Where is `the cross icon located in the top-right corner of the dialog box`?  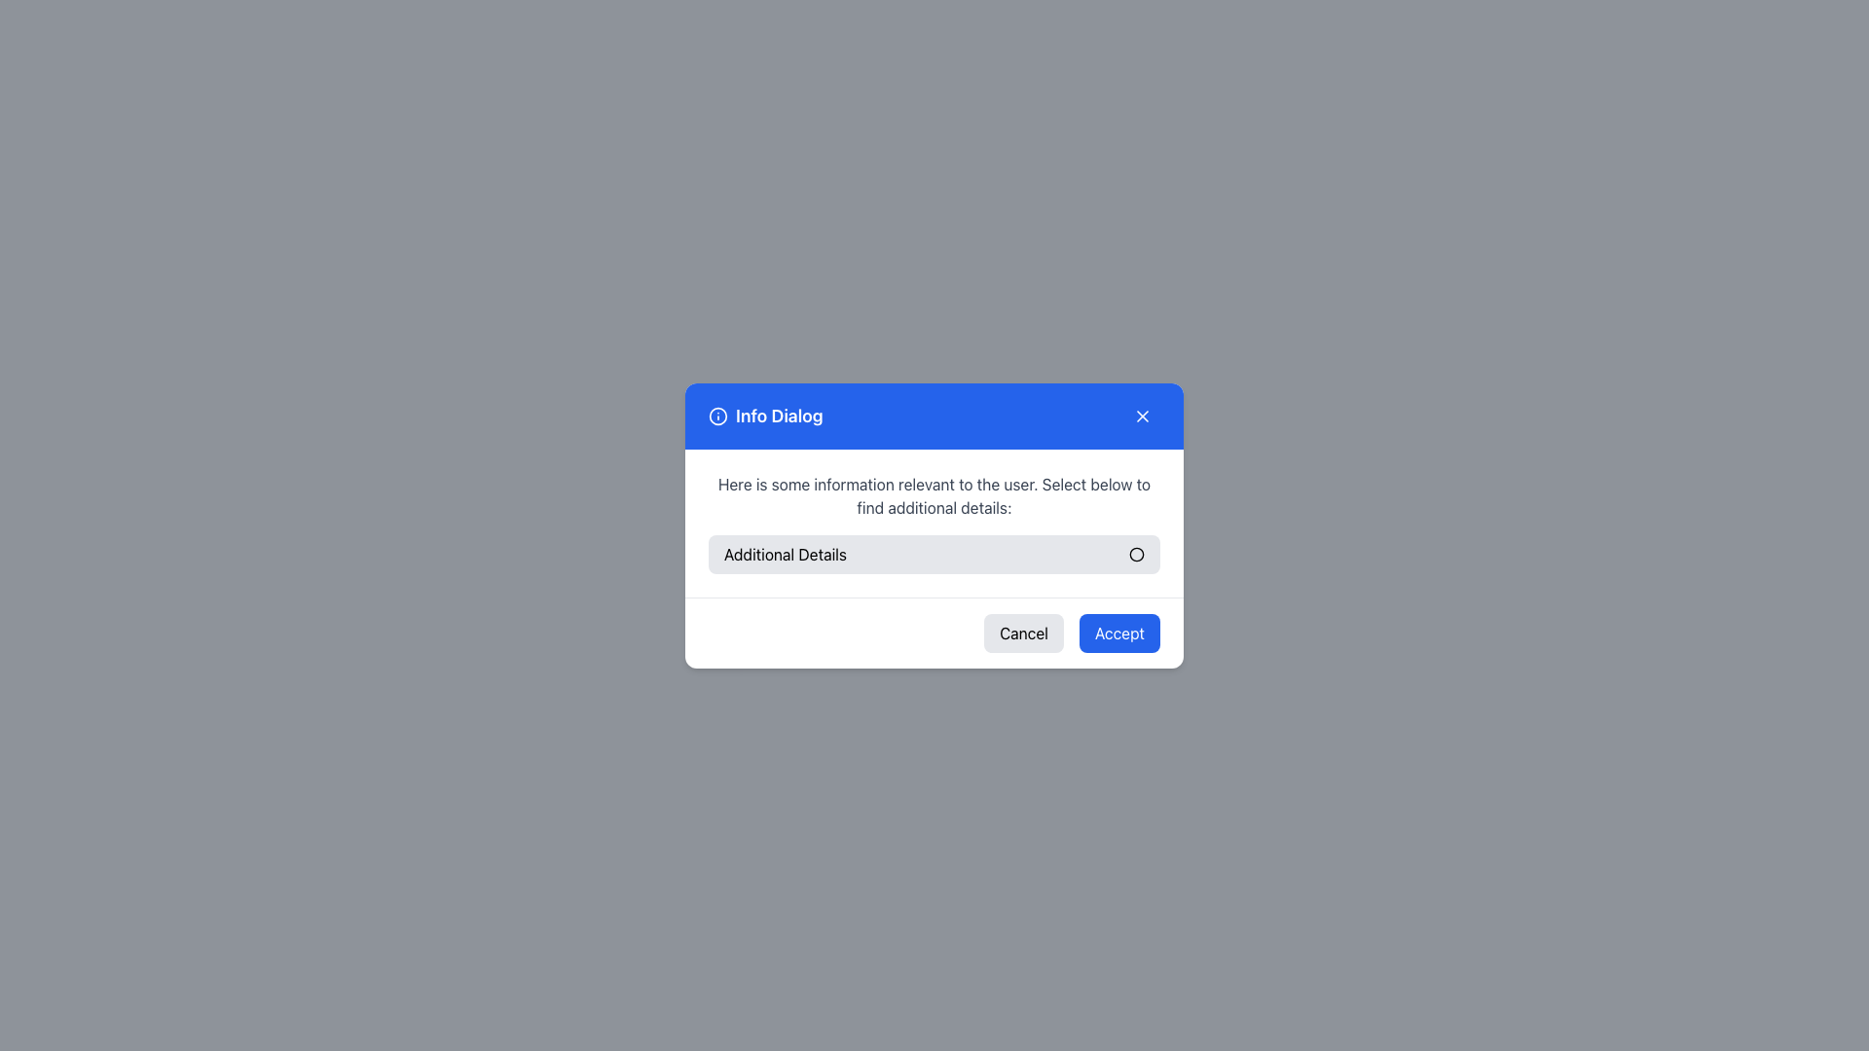
the cross icon located in the top-right corner of the dialog box is located at coordinates (1143, 415).